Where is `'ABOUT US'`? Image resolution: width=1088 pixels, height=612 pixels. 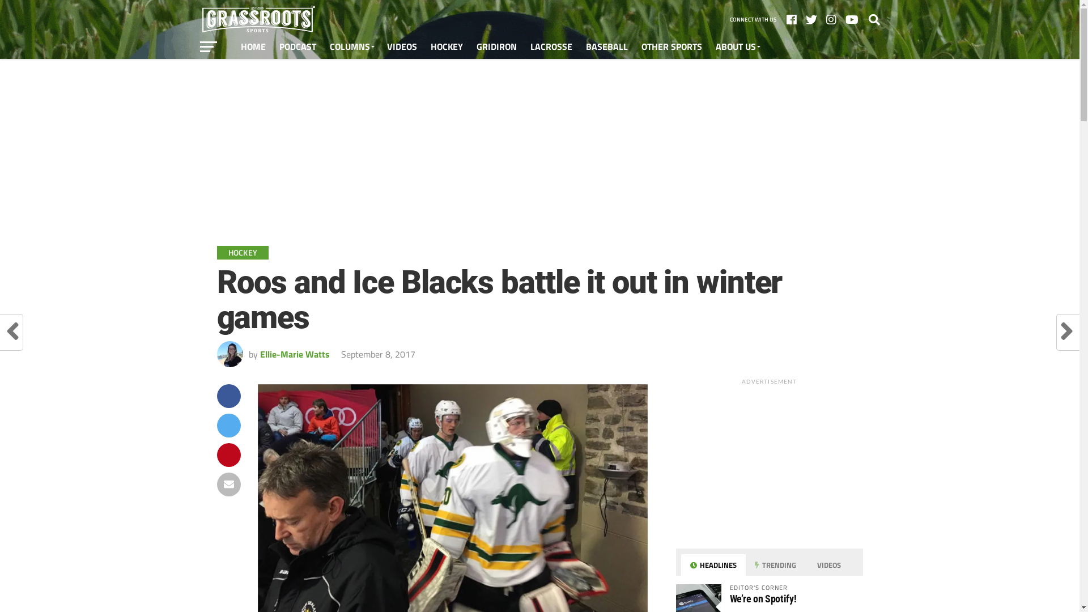 'ABOUT US' is located at coordinates (707, 45).